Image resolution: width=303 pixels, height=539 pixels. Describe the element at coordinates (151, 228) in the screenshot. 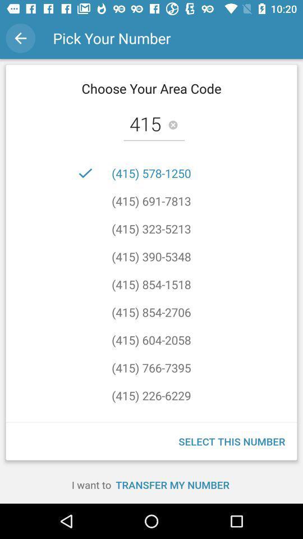

I see `the item above the (415) 390-5348 icon` at that location.